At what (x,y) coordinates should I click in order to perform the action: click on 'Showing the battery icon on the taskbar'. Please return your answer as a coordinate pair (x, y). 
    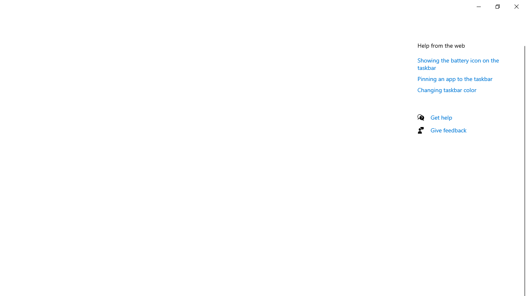
    Looking at the image, I should click on (458, 63).